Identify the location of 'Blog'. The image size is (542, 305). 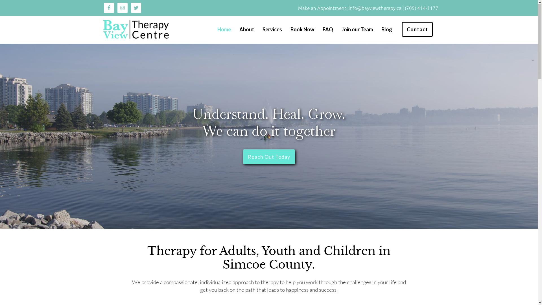
(386, 29).